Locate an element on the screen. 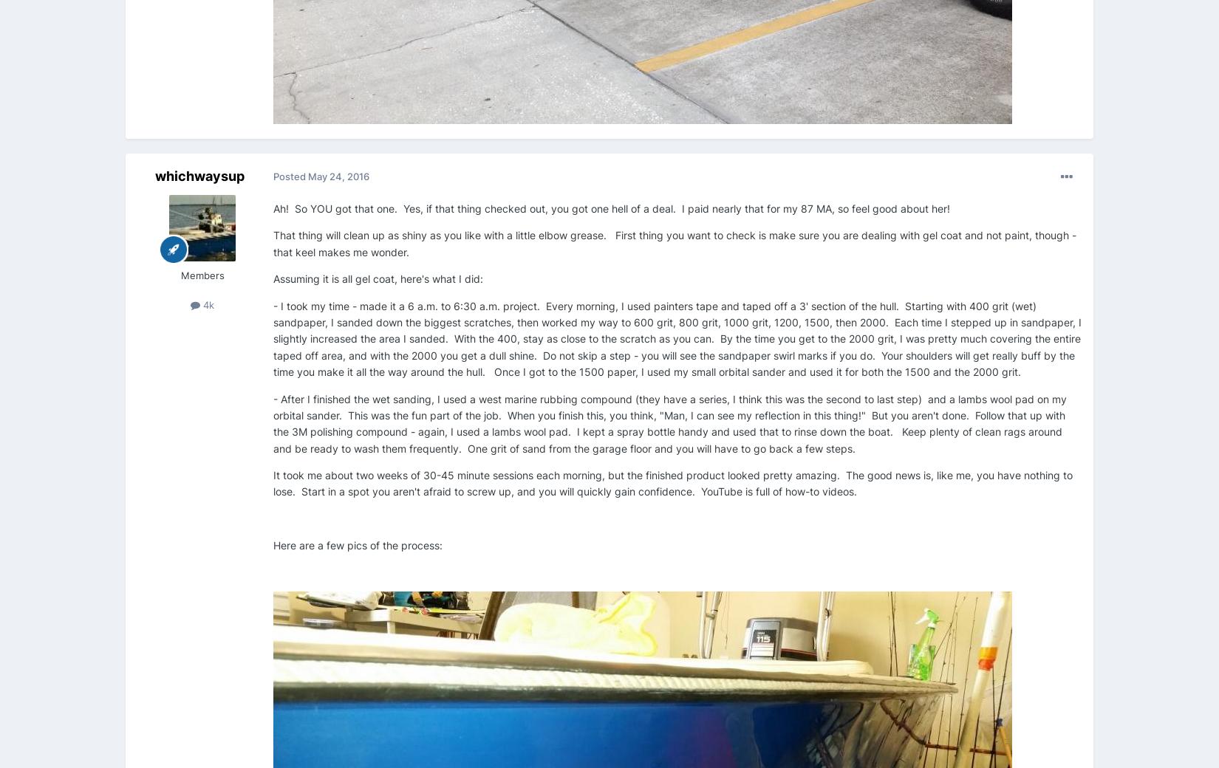 This screenshot has width=1219, height=768. '- After I finished the wet sanding, I used a west marine rubbing compound (they have a series, I think this was the second to last step)  and a lambs wool pad on my orbital sander.  This was the fun part of the job.  When you finish this, you think, "Man, I can see my reflection in this thing!"  But you aren't done.  Follow that up with the 3M polishing compound - again, I used a lambs wool pad.  I kept a spray bottle handy and used that to rinse down the boat.   Keep plenty of clean rags around and be ready to wash them frequently.  One grit of sand from the garage floor and you will have to go back a few steps.' is located at coordinates (273, 422).